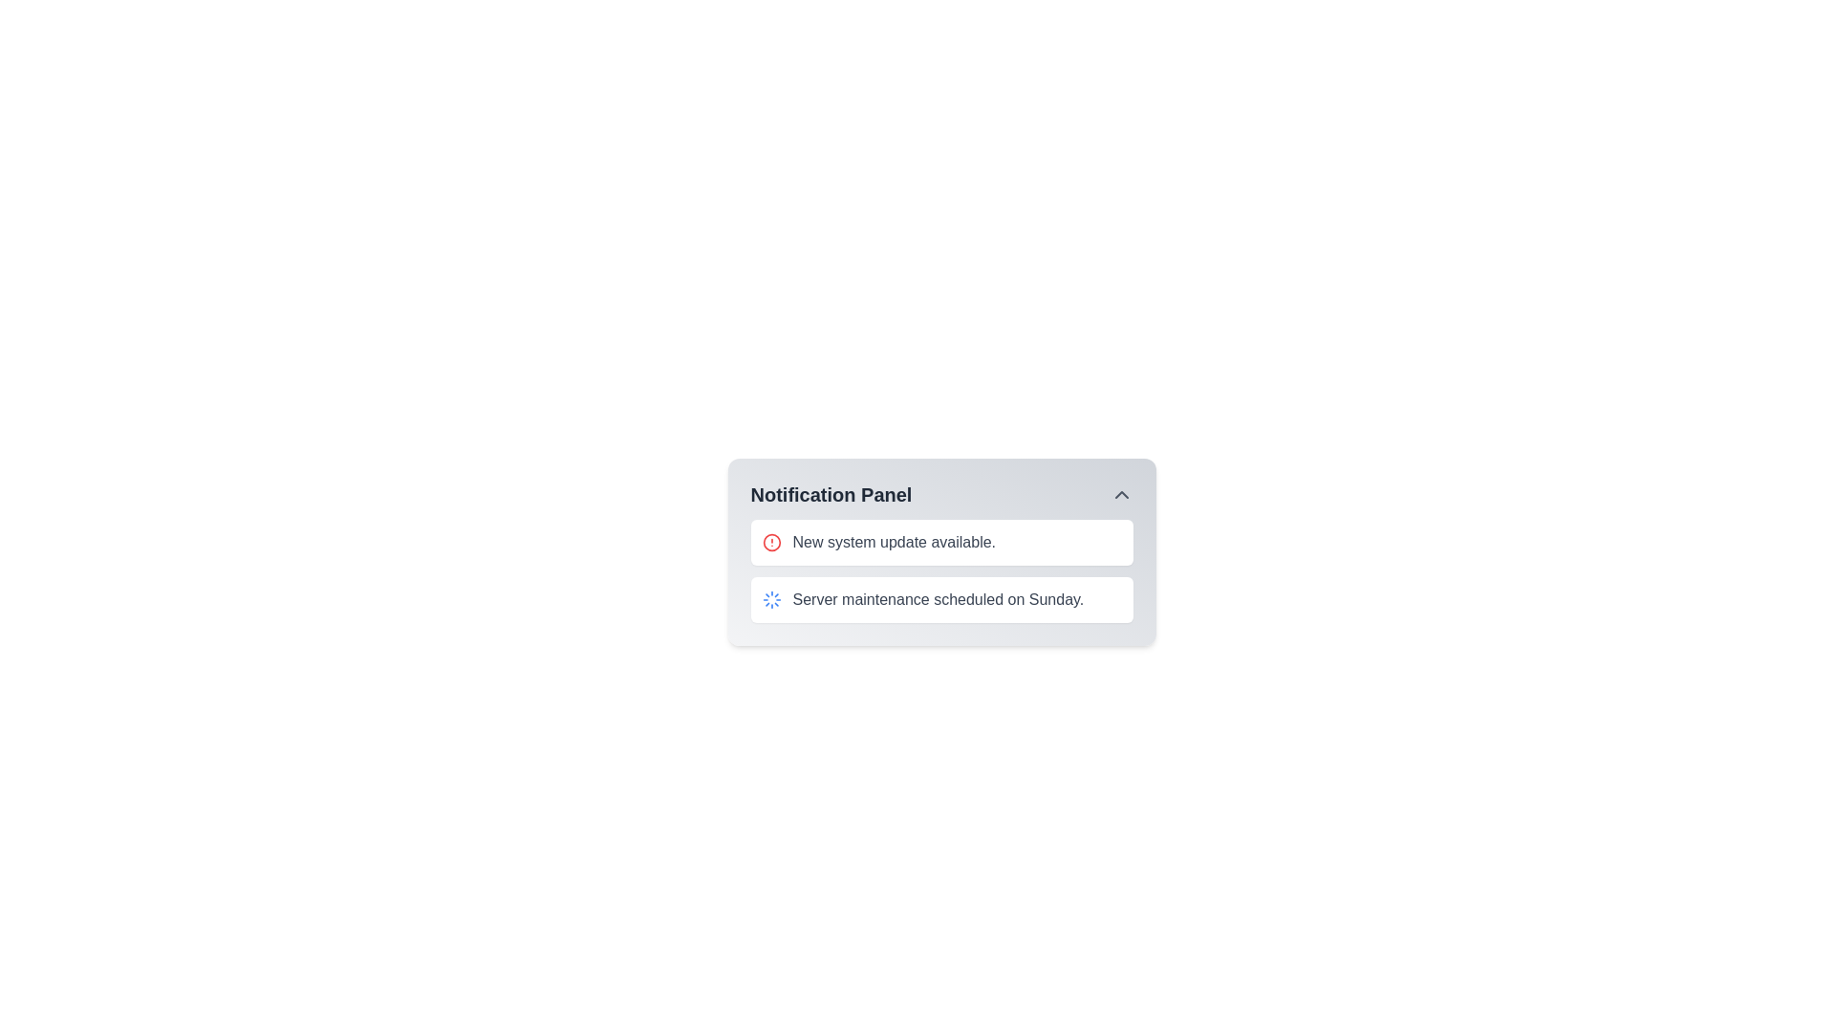  Describe the element at coordinates (941, 570) in the screenshot. I see `the Notification List located below the 'Notification Panel' heading` at that location.